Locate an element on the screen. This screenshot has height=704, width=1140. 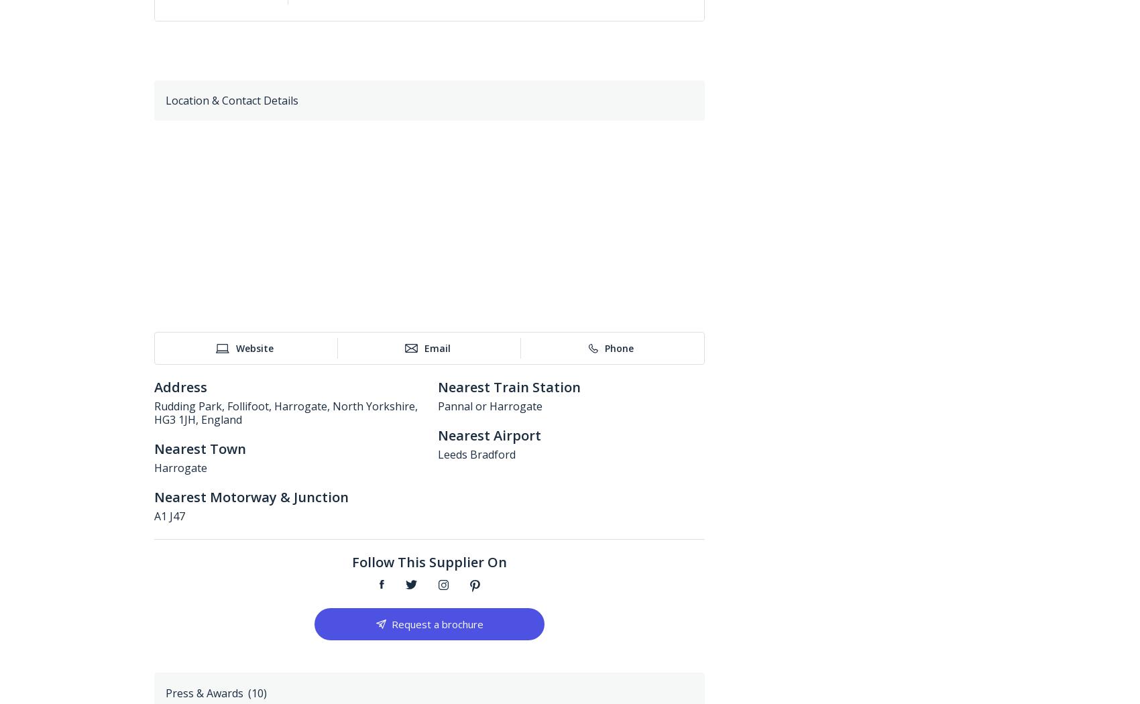
'(' is located at coordinates (247, 691).